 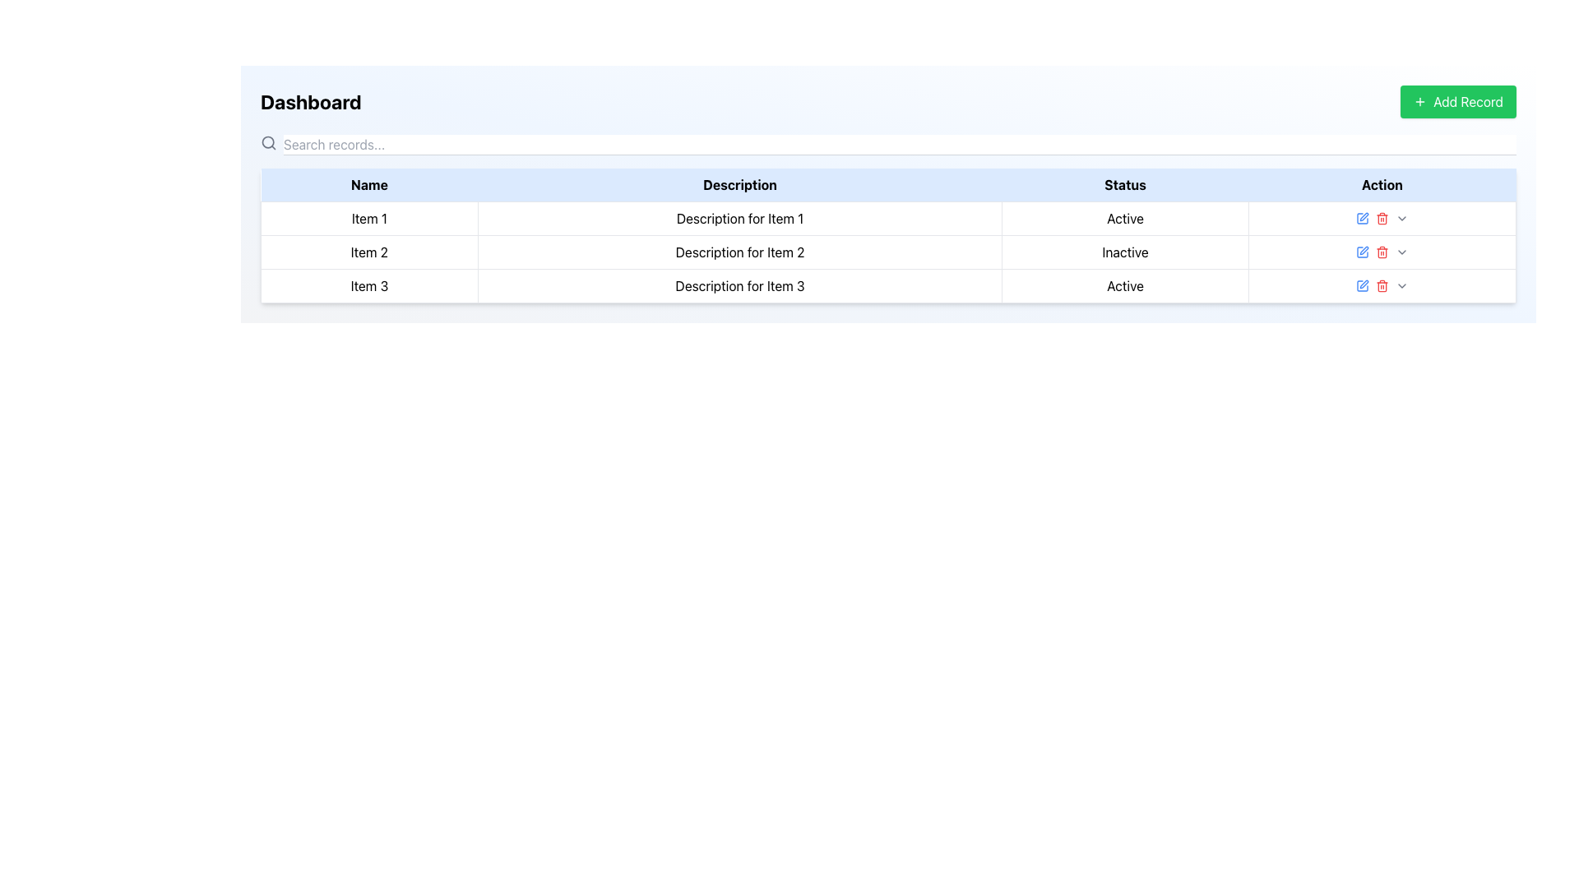 I want to click on the icon element located in the 'Action' column corresponding to the last 'Active' data entry, which is represented by a square outline with rounded corners, so click(x=1362, y=218).